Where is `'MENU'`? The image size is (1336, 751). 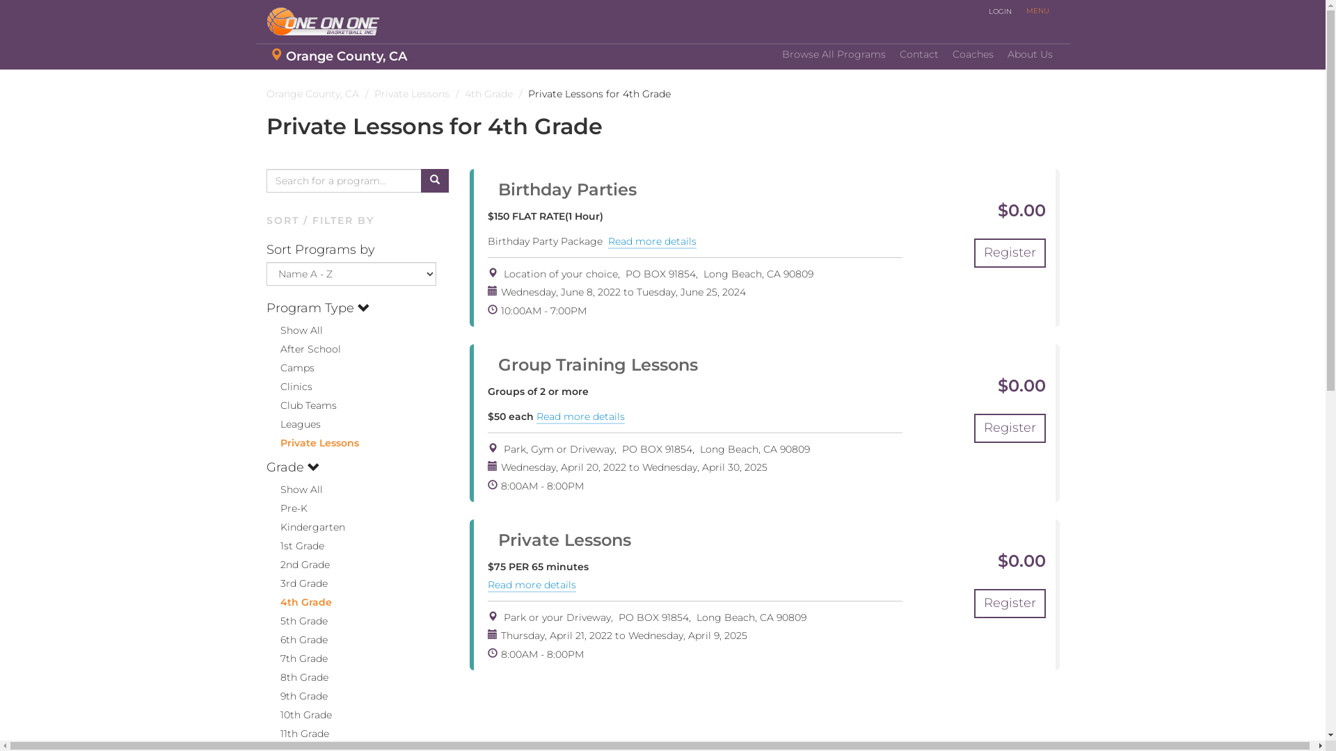
'MENU' is located at coordinates (1037, 10).